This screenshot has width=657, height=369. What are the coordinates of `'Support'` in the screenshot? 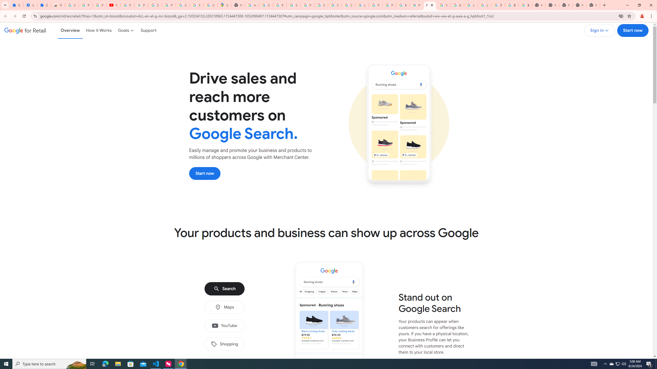 It's located at (148, 30).